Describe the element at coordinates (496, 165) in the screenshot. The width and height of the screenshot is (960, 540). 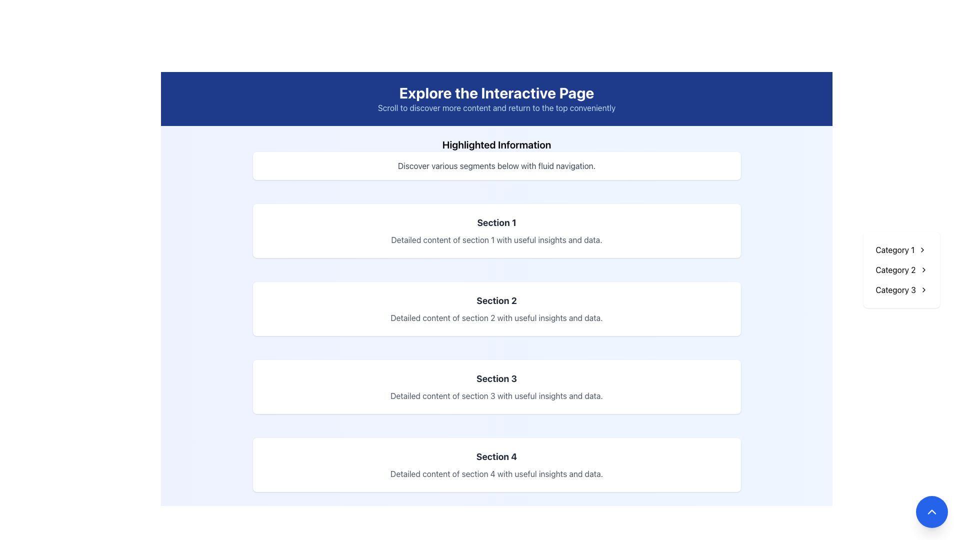
I see `the informational text block located below the 'Highlighted Information' header, which is centered horizontally in the interface` at that location.